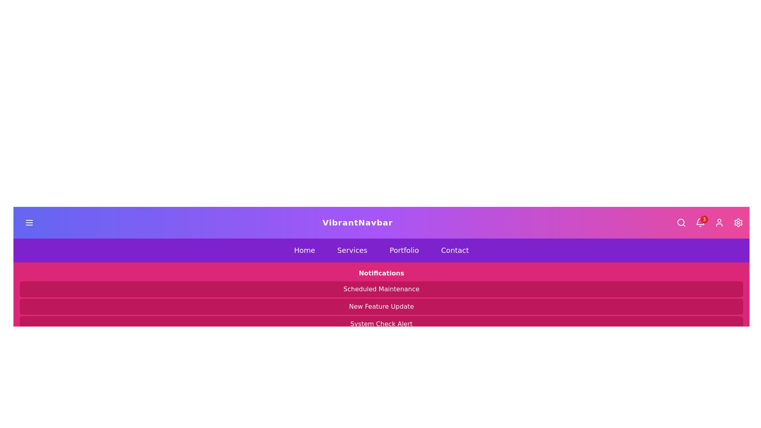 The width and height of the screenshot is (761, 428). Describe the element at coordinates (719, 223) in the screenshot. I see `the user icon in the navigation bar, which resembles a simplified human silhouette` at that location.